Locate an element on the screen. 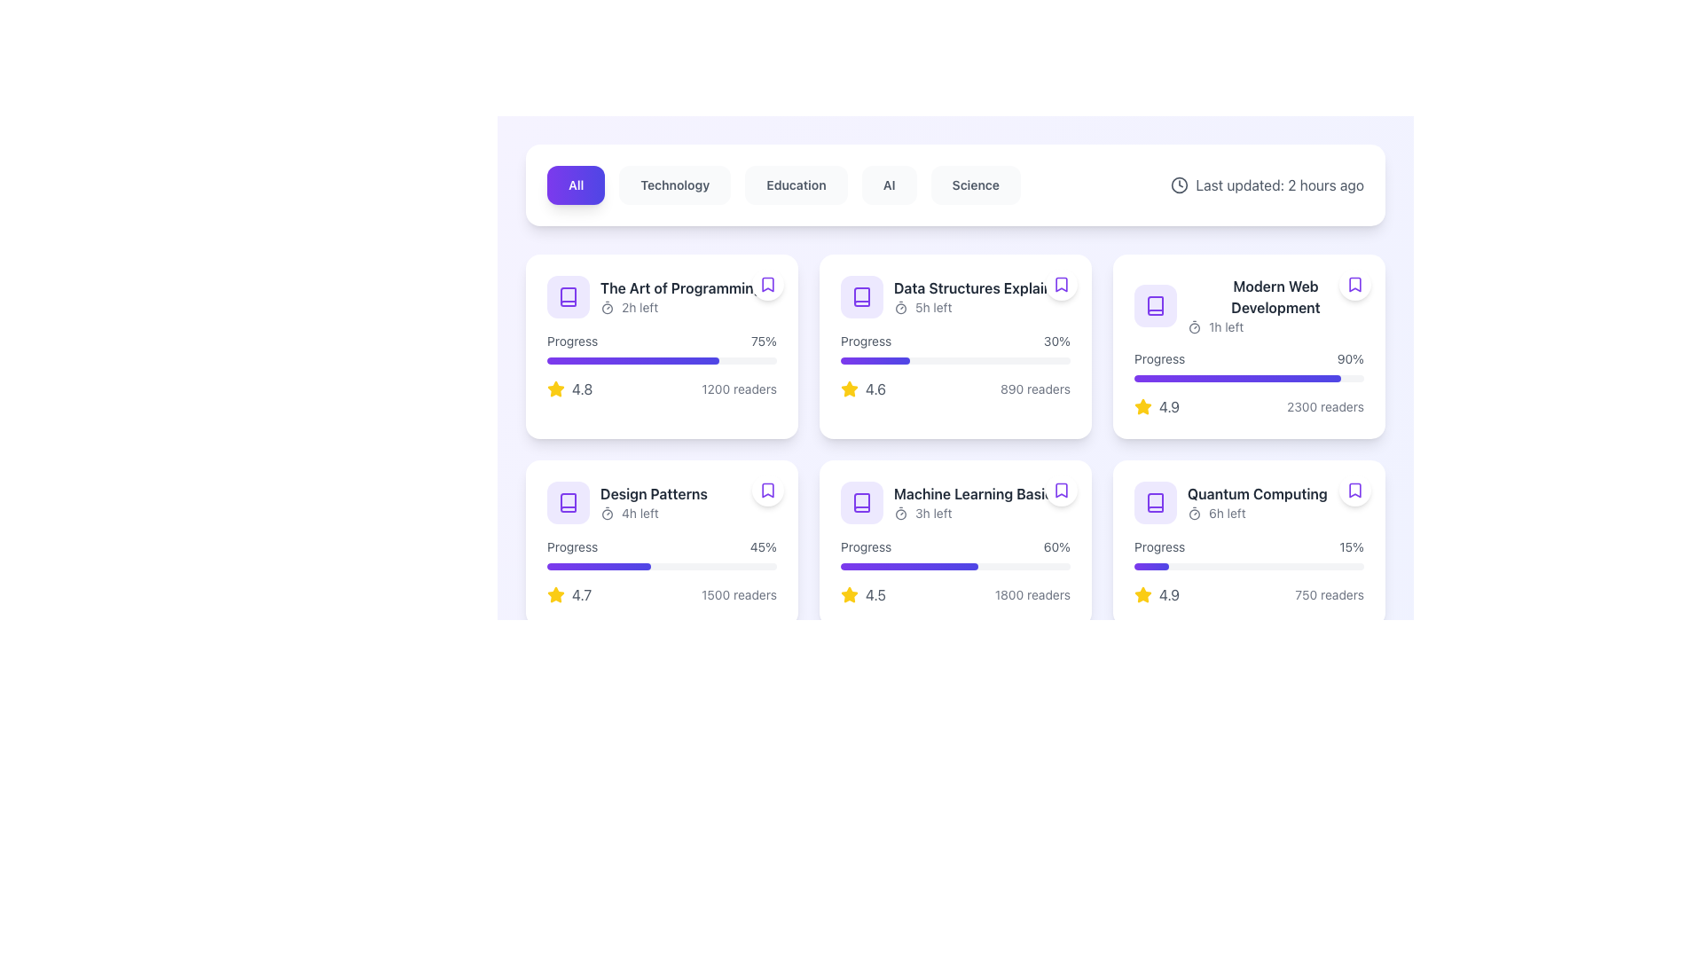 This screenshot has height=958, width=1703. the text label indicating the purpose of the associated progress bar, located in the upper-middle left section of the second card from the left in the top row of the grid layout is located at coordinates (866, 342).